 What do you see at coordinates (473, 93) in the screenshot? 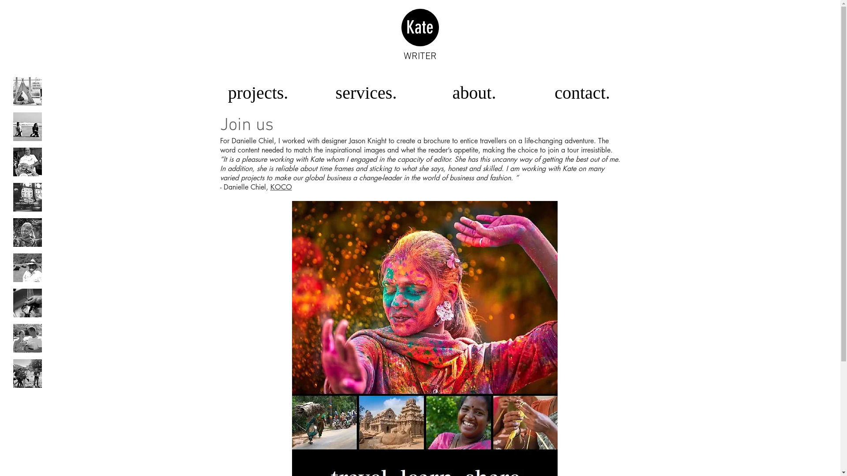
I see `'about.'` at bounding box center [473, 93].